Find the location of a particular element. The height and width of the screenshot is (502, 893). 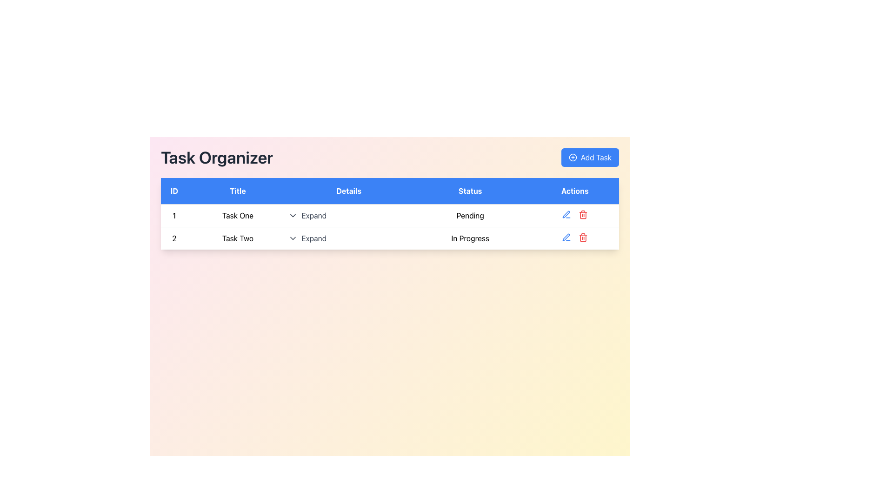

the Text label that represents the unique identifier of the first row in the table, located to the left of 'Task One' is located at coordinates (174, 215).